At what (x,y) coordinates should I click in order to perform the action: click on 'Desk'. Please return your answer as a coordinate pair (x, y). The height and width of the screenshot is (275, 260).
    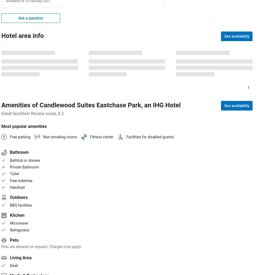
    Looking at the image, I should click on (10, 265).